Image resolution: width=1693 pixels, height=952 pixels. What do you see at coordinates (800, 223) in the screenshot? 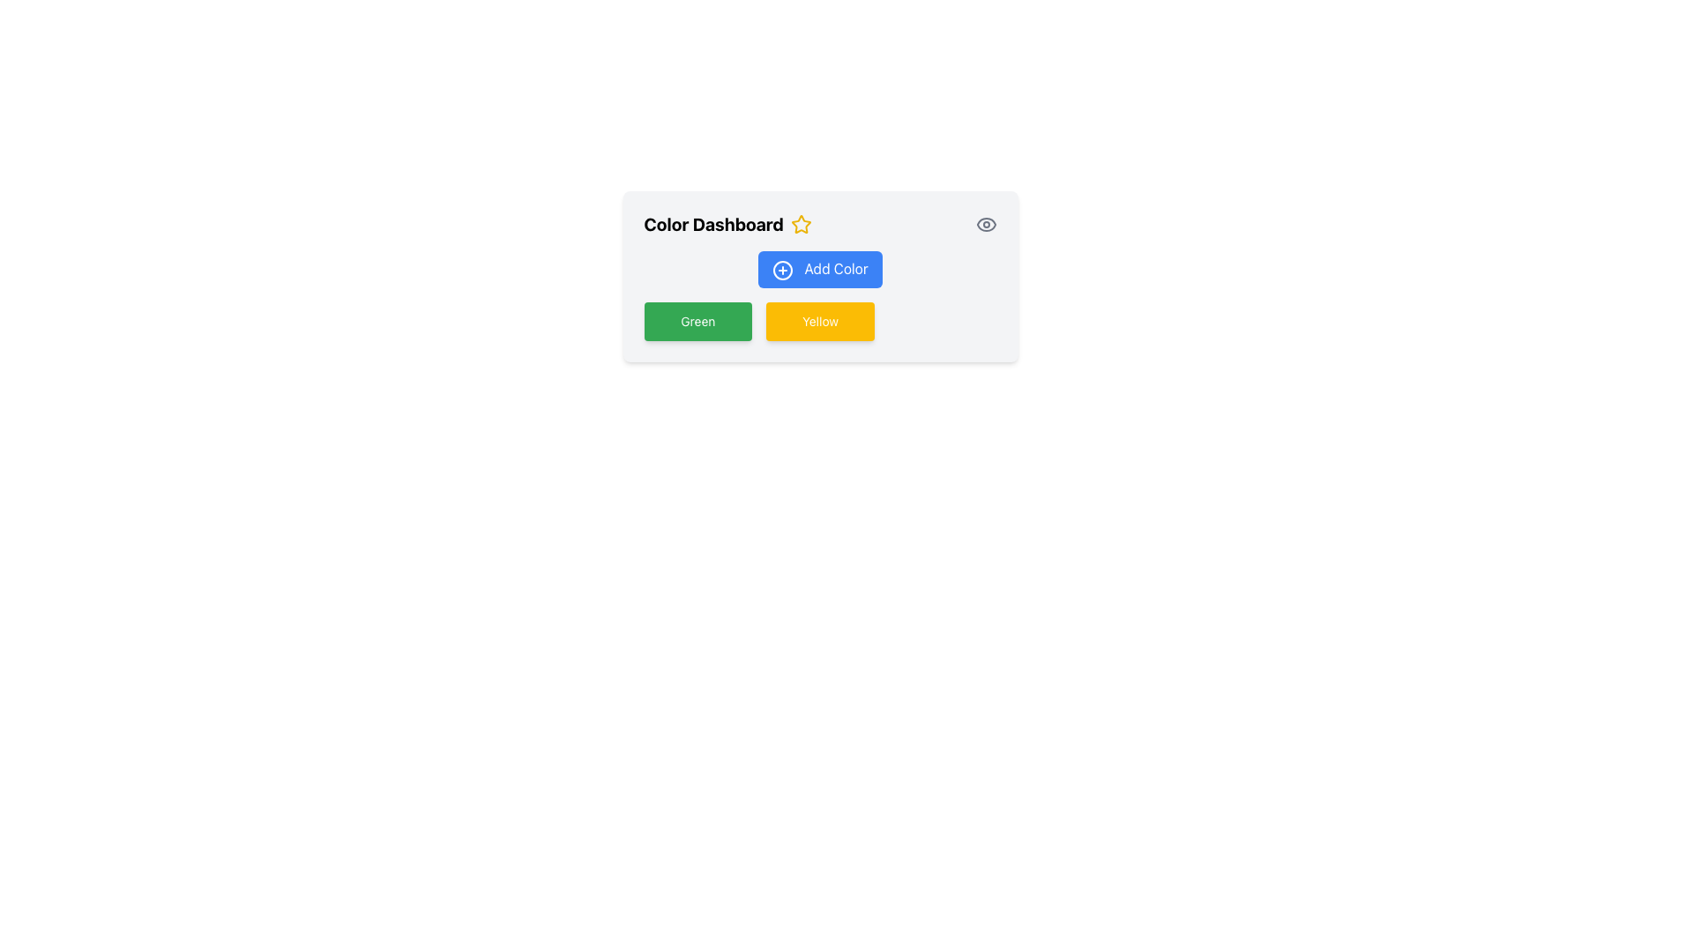
I see `the decorative icon indicating favorite status next to the 'Color Dashboard' text in the header section of the card` at bounding box center [800, 223].